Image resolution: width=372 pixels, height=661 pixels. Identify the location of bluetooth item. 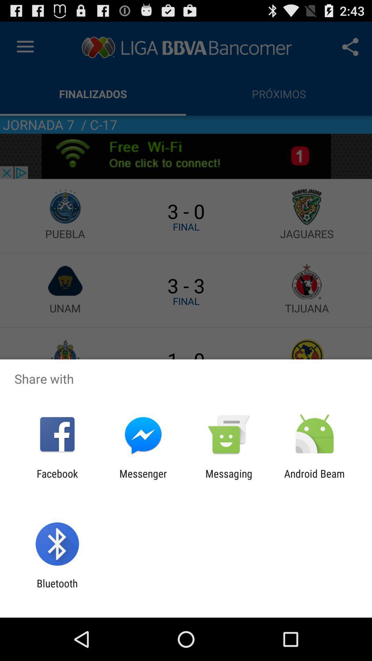
(57, 589).